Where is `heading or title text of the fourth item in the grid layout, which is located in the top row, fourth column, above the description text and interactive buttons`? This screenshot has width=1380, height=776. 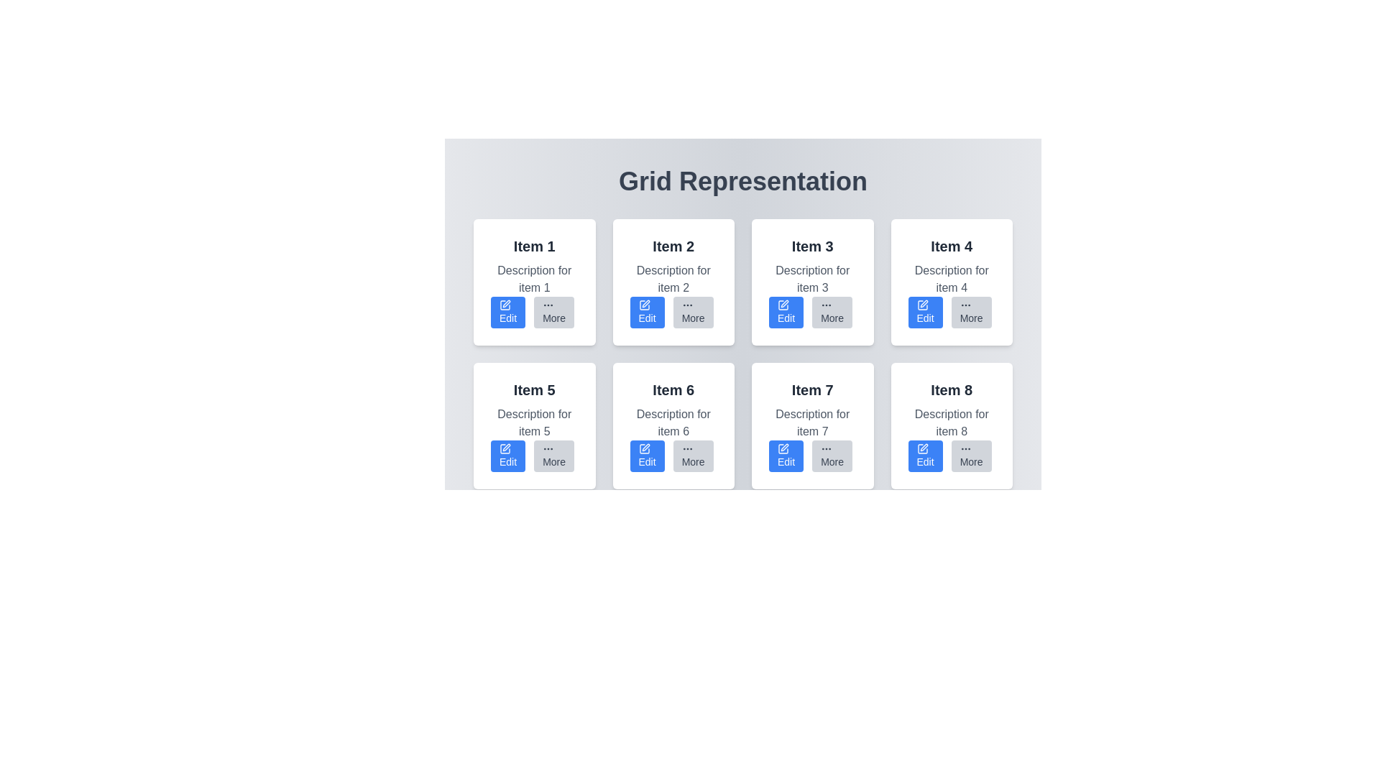
heading or title text of the fourth item in the grid layout, which is located in the top row, fourth column, above the description text and interactive buttons is located at coordinates (952, 246).